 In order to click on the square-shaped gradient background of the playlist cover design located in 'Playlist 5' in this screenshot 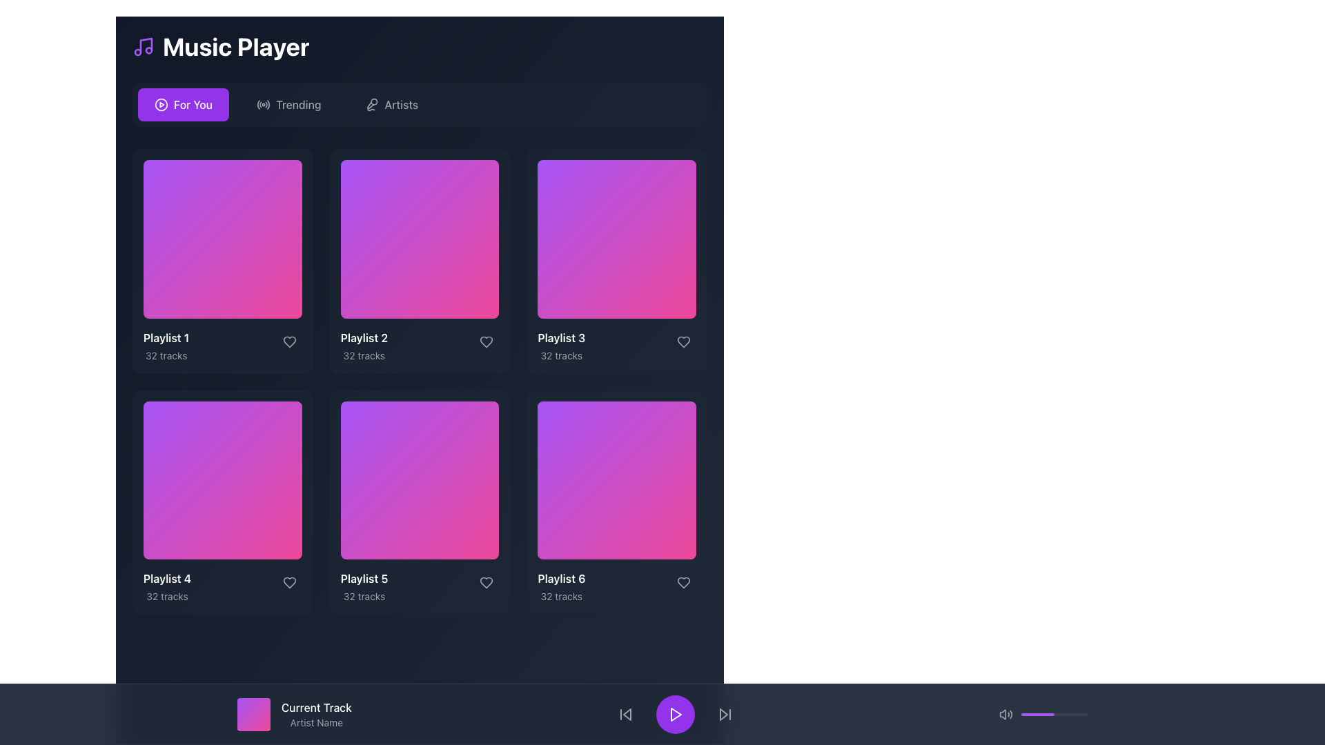, I will do `click(419, 479)`.